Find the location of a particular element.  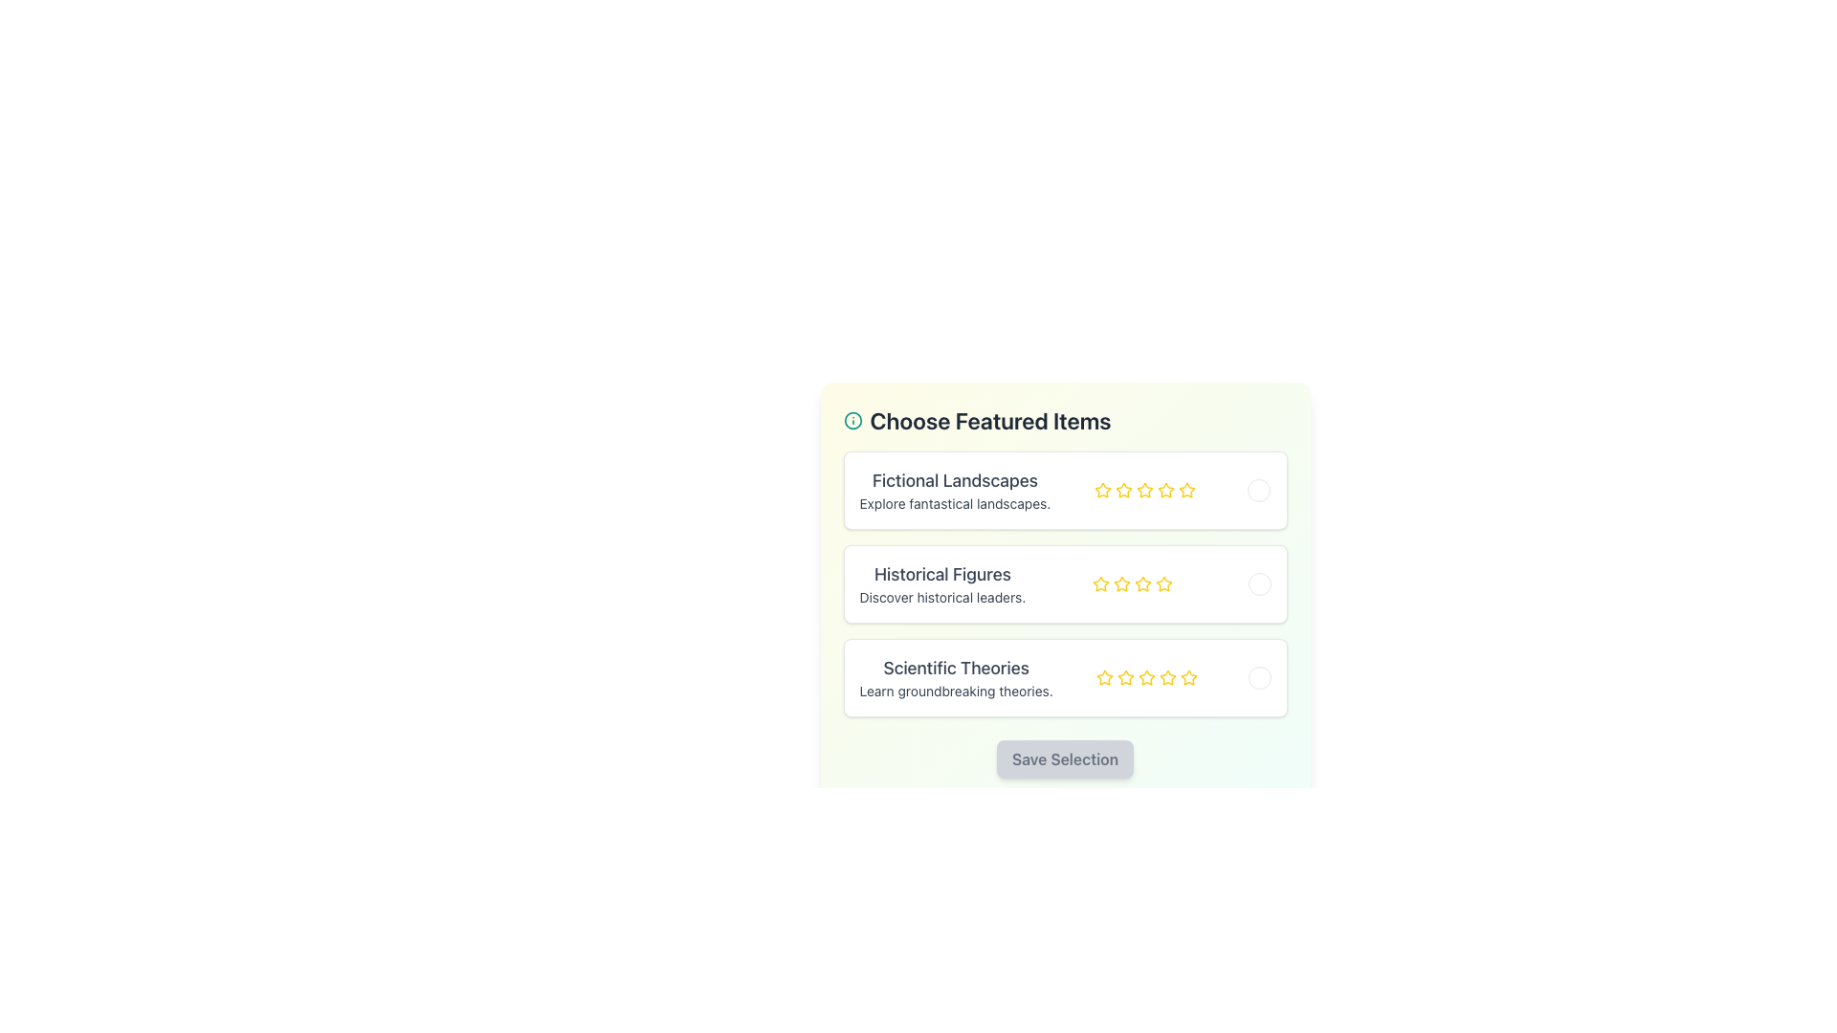

the third star in the rating section for 'Scientific Theories' is located at coordinates (1146, 676).